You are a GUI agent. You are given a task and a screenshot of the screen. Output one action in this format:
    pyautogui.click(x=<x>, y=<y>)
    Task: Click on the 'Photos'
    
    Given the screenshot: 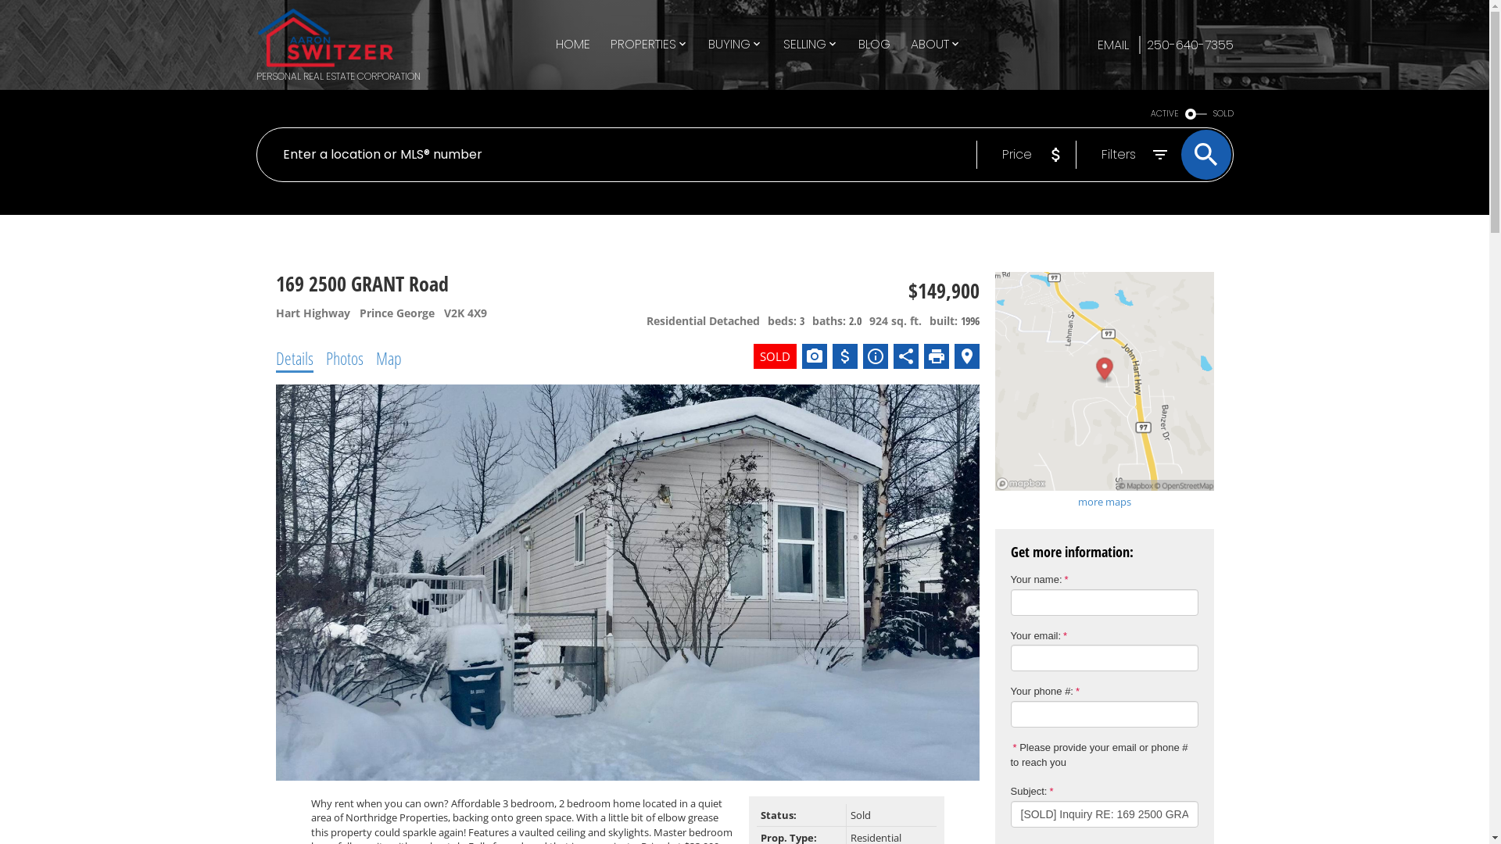 What is the action you would take?
    pyautogui.click(x=324, y=358)
    